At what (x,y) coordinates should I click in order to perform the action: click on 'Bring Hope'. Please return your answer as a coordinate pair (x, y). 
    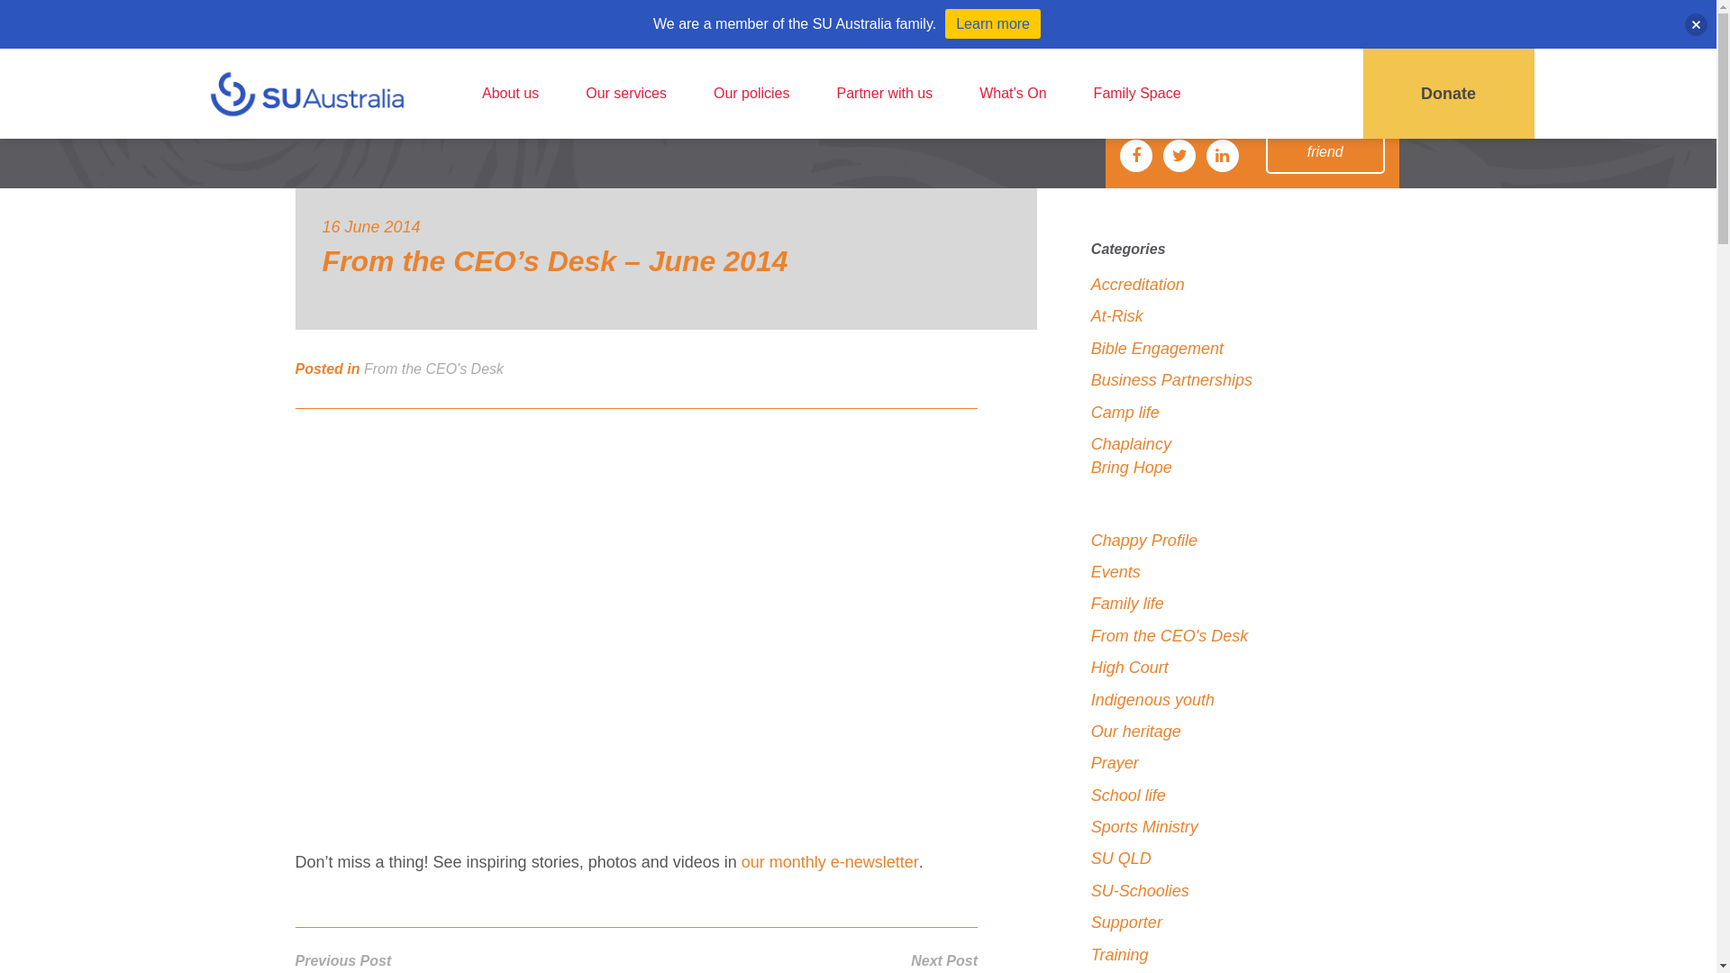
    Looking at the image, I should click on (1131, 467).